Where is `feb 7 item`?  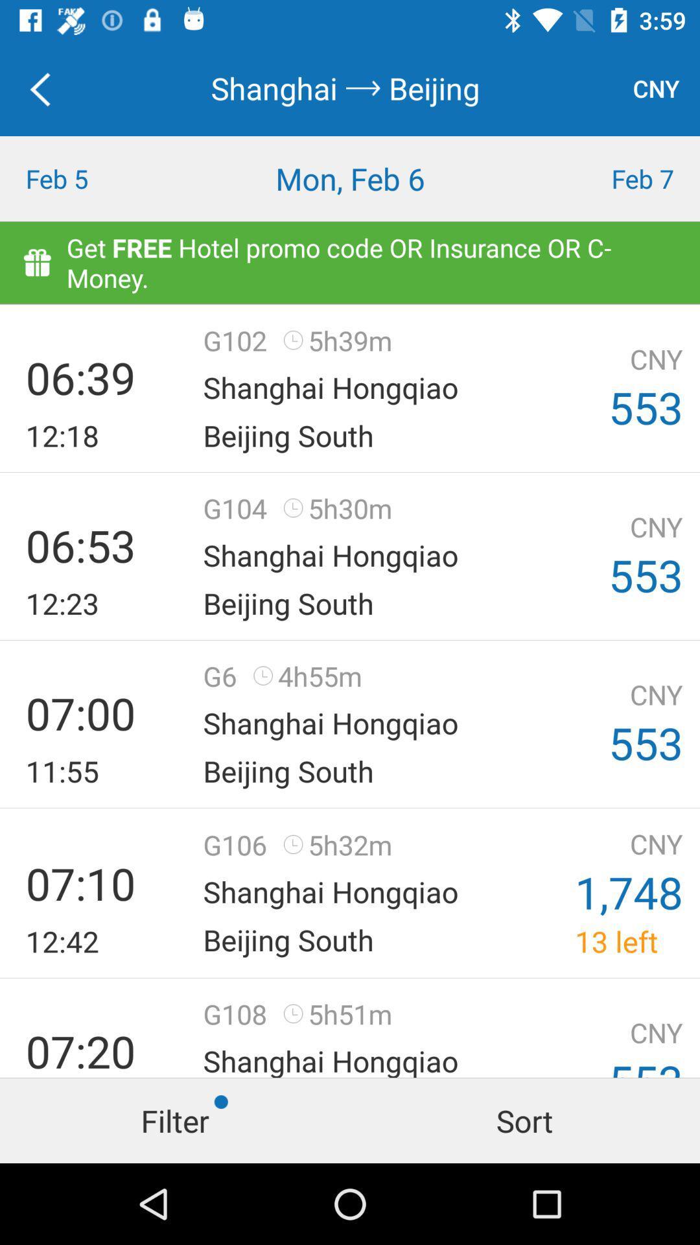
feb 7 item is located at coordinates (612, 178).